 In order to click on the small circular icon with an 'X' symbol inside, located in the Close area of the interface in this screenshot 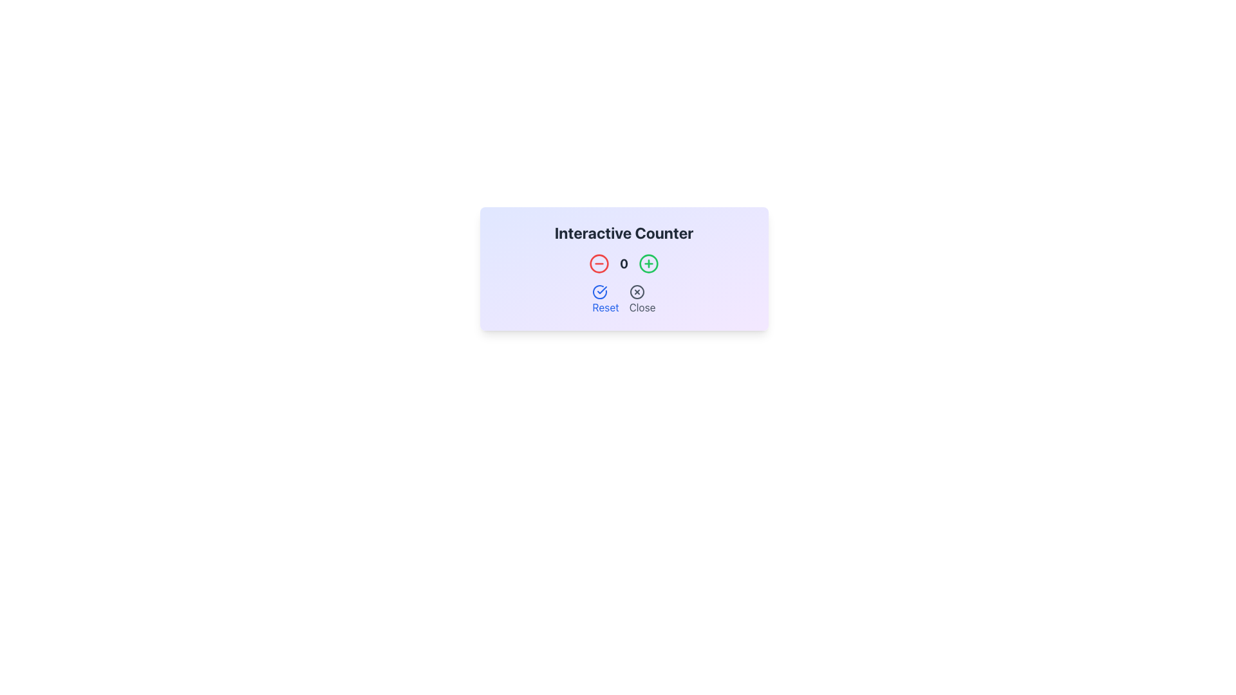, I will do `click(637, 292)`.